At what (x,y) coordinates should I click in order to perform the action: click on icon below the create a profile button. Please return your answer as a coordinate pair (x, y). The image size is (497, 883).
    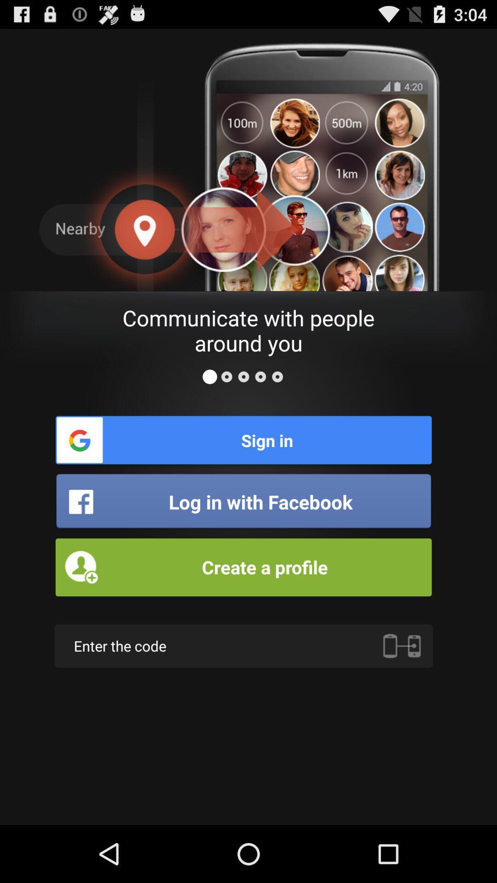
    Looking at the image, I should click on (243, 645).